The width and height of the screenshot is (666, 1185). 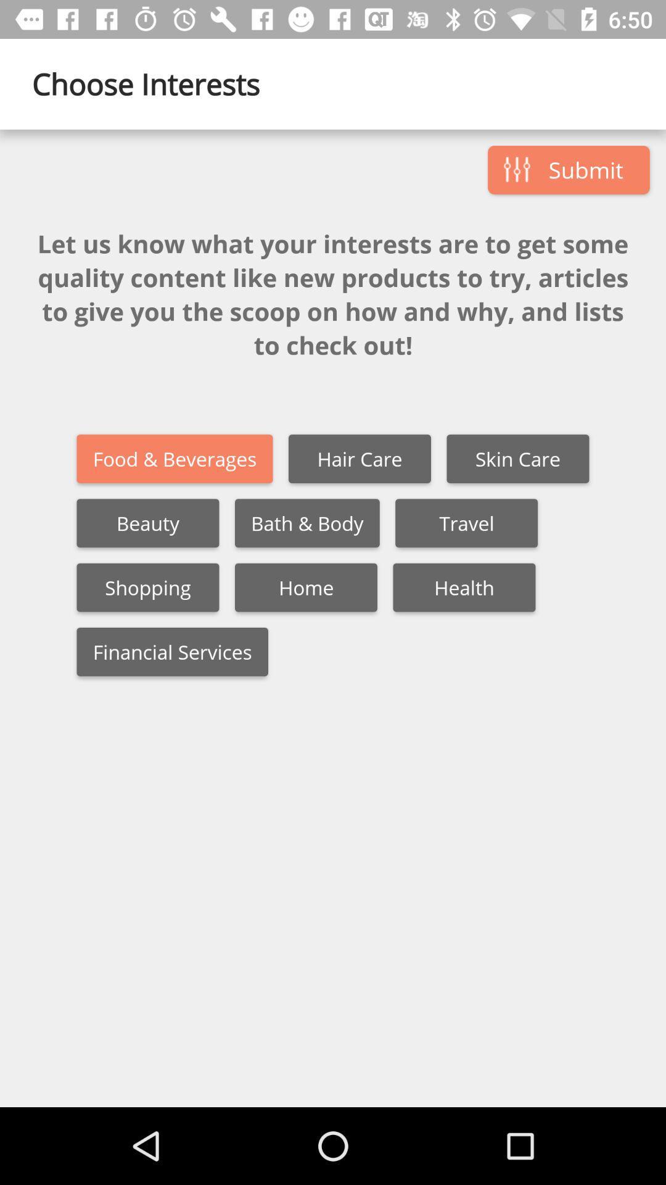 What do you see at coordinates (175, 458) in the screenshot?
I see `icon above beauty icon` at bounding box center [175, 458].